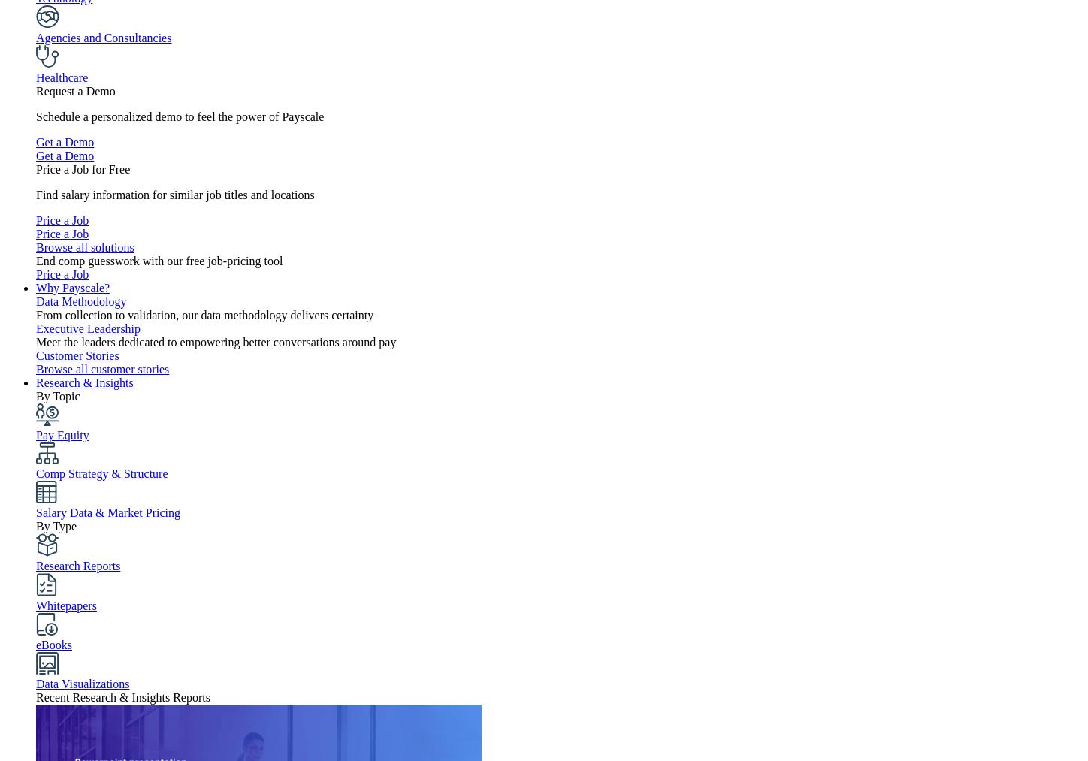 Image resolution: width=1088 pixels, height=761 pixels. What do you see at coordinates (215, 341) in the screenshot?
I see `'Meet the leaders dedicated to empowering better conversations around pay'` at bounding box center [215, 341].